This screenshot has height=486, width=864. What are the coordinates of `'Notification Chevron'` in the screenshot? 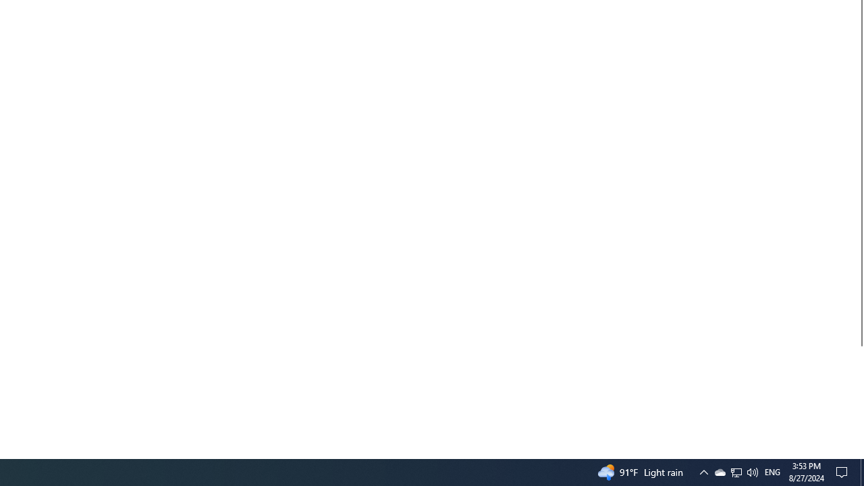 It's located at (736, 471).